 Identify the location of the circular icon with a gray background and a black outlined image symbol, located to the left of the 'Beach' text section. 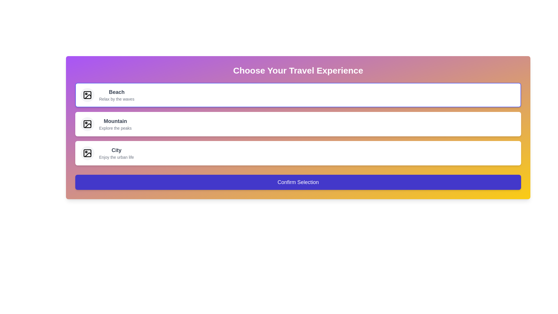
(87, 95).